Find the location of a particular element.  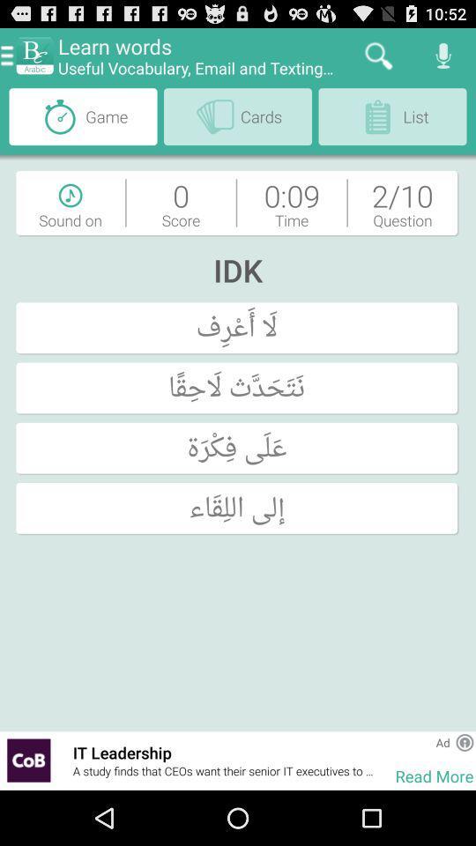

icon next to ad icon is located at coordinates (465, 741).